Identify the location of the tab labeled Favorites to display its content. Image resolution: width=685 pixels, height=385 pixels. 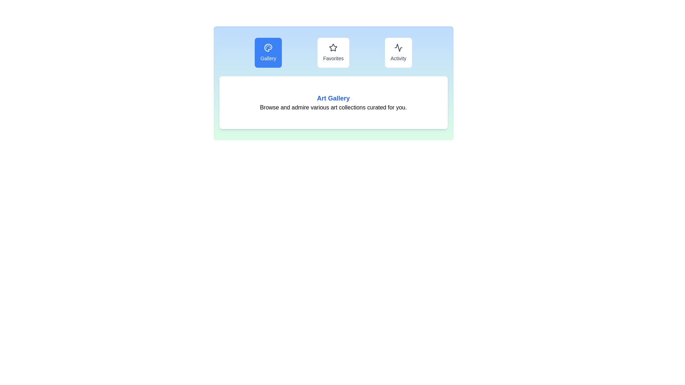
(333, 52).